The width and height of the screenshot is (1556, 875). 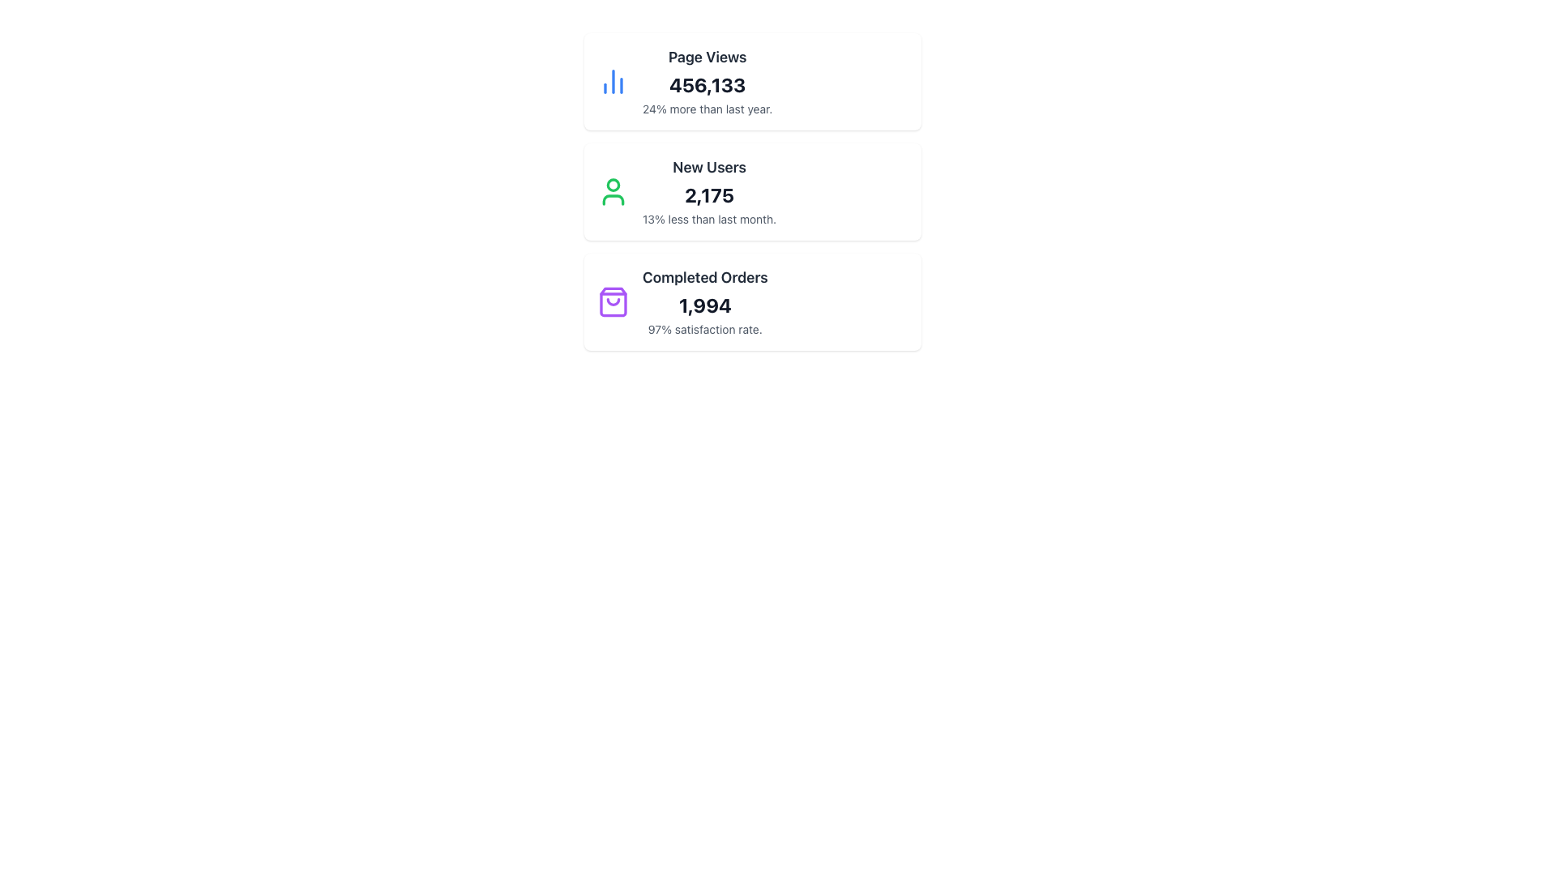 What do you see at coordinates (709, 219) in the screenshot?
I see `the text label that provides a contextual explanation for the 'New Users' metric, located at the bottom of the metric card displaying '2,175'` at bounding box center [709, 219].